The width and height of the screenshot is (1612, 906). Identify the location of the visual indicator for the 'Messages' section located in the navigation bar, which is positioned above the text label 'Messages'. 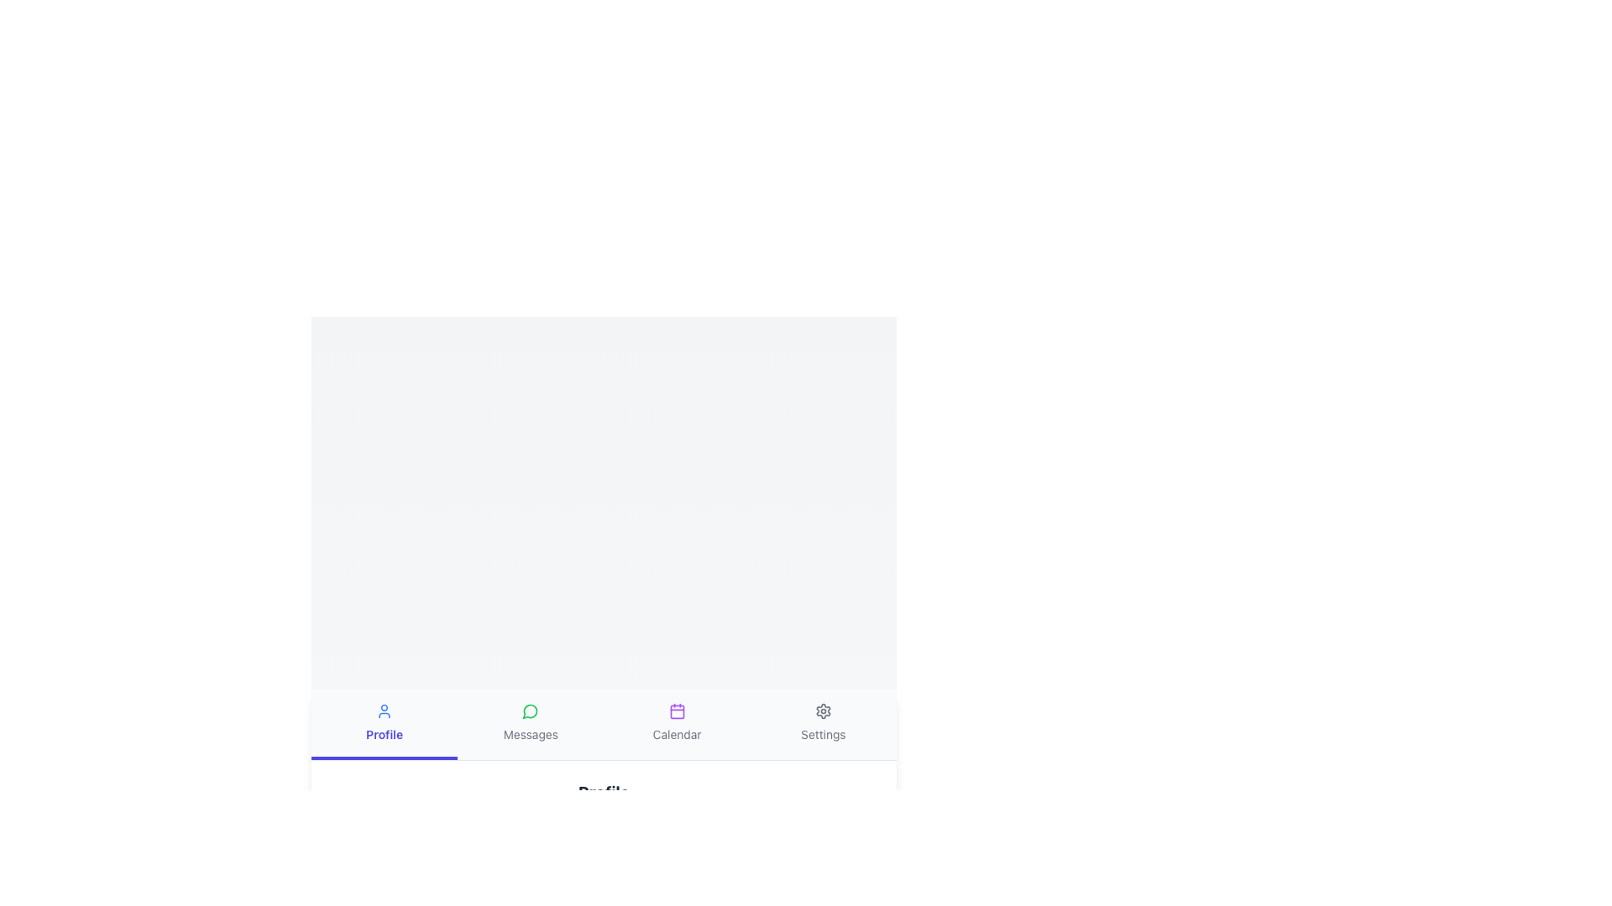
(530, 711).